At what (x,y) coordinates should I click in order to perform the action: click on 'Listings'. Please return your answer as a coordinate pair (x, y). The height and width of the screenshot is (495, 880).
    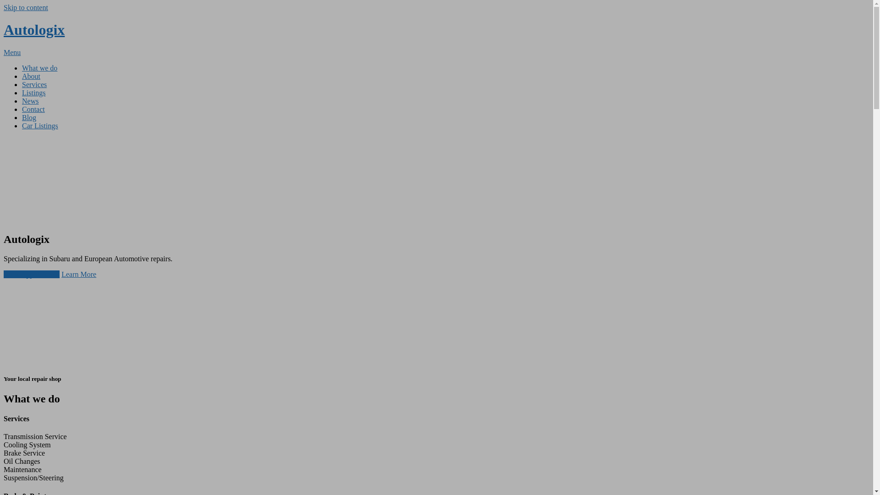
    Looking at the image, I should click on (22, 93).